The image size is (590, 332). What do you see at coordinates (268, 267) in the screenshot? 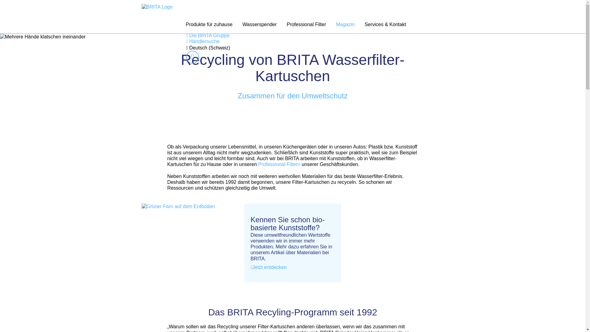
I see `'Jetzt entdecken'` at bounding box center [268, 267].